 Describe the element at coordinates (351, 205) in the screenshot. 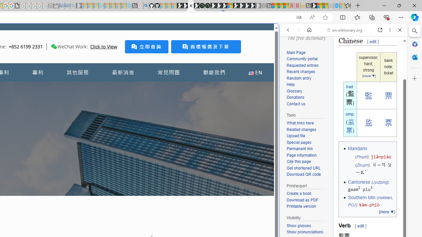

I see `'POJ'` at that location.